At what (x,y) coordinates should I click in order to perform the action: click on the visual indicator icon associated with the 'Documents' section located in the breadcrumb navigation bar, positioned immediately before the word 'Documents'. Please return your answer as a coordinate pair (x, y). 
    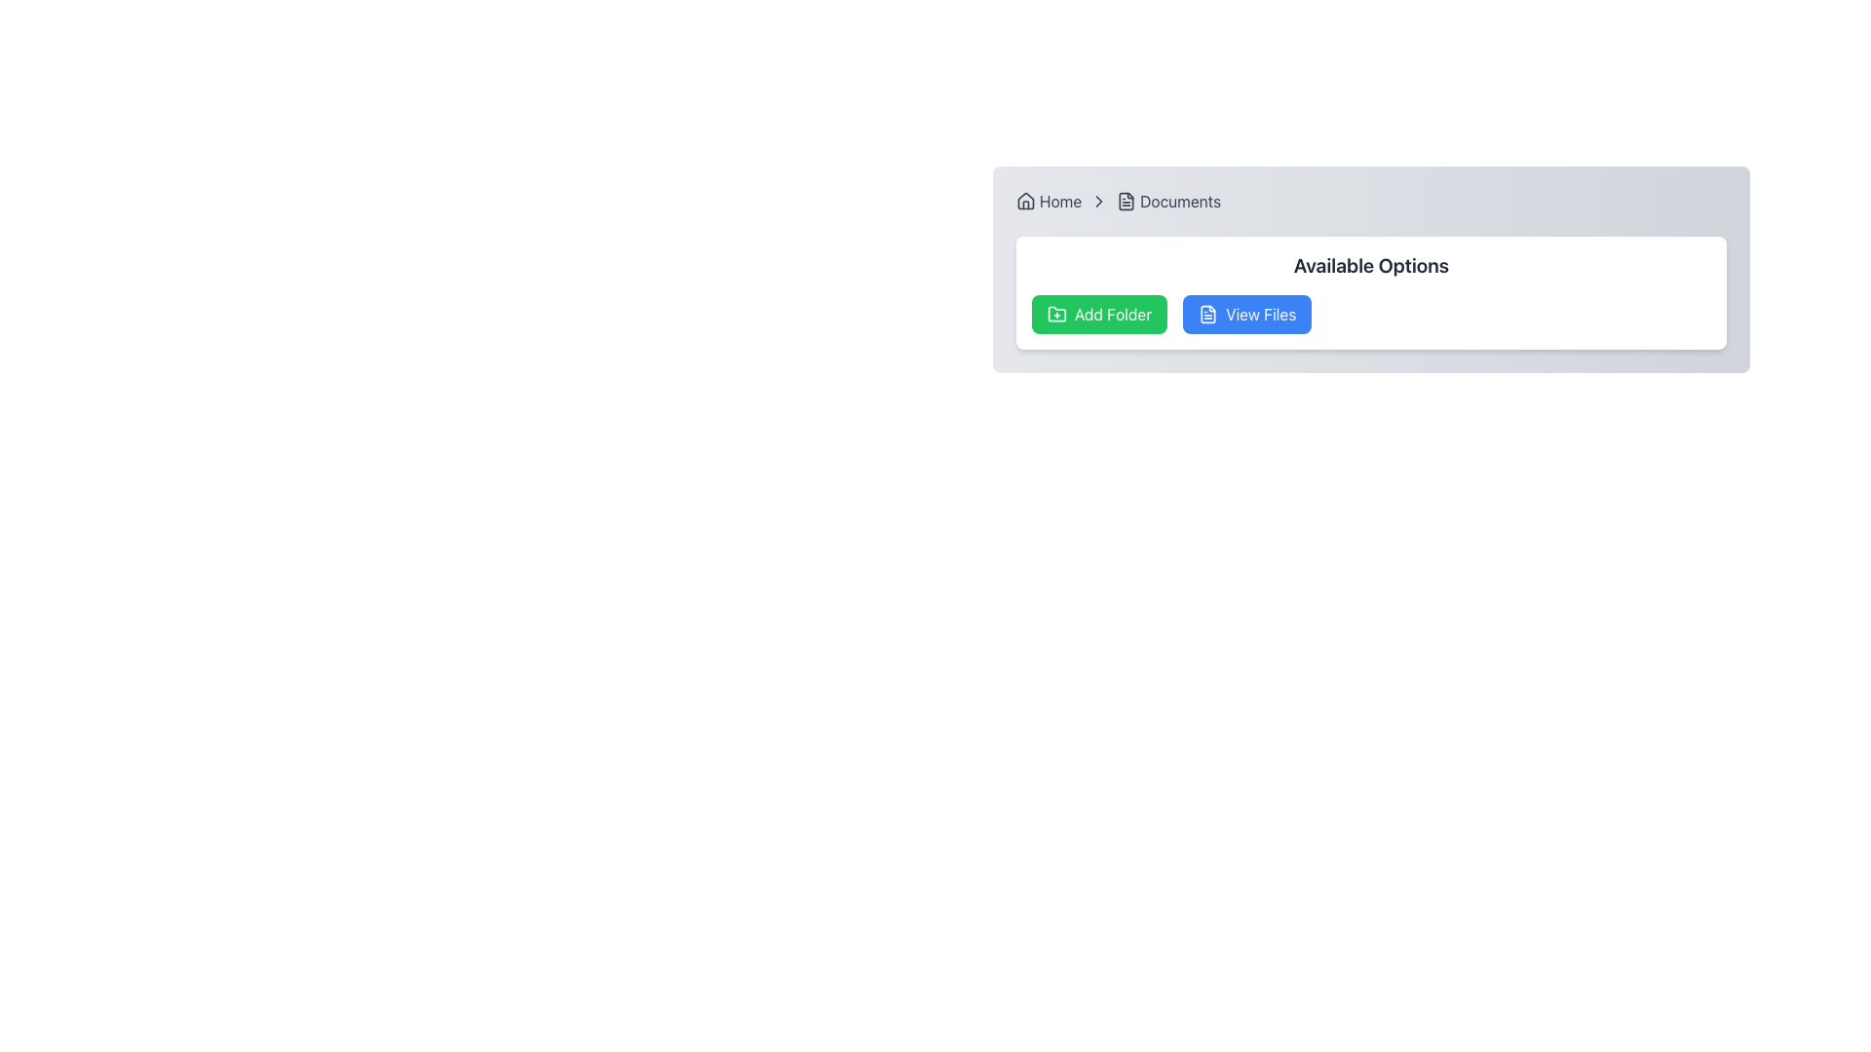
    Looking at the image, I should click on (1126, 202).